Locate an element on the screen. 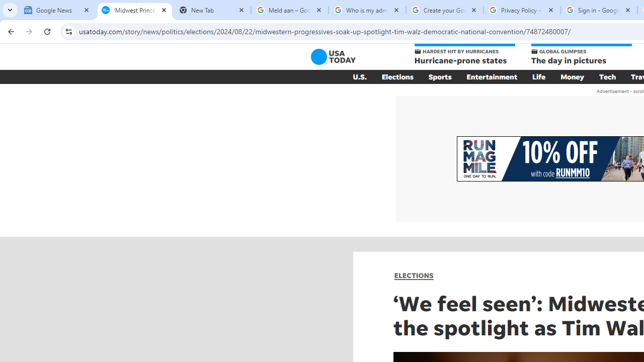  'Sign in - Google Accounts' is located at coordinates (599, 10).